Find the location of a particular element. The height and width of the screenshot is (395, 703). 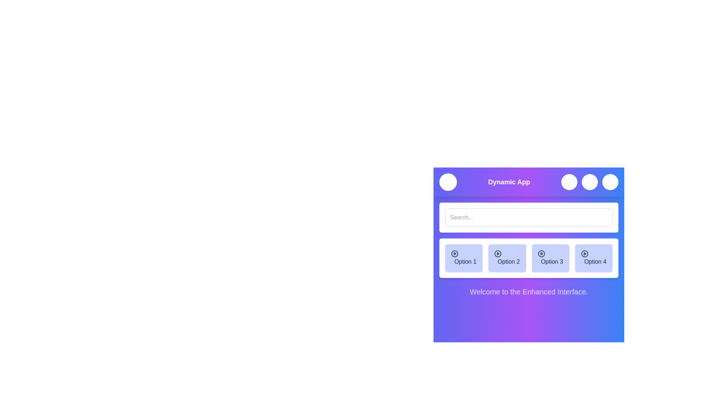

the menu button to toggle the menu visibility is located at coordinates (448, 181).